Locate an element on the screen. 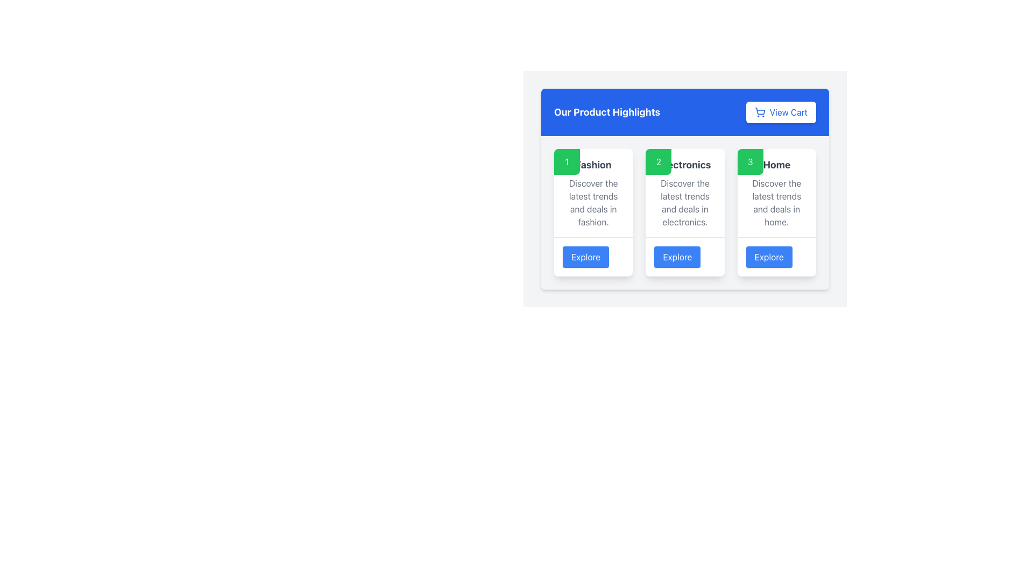 The image size is (1033, 581). the shopping cart icon located within the button next is located at coordinates (759, 112).